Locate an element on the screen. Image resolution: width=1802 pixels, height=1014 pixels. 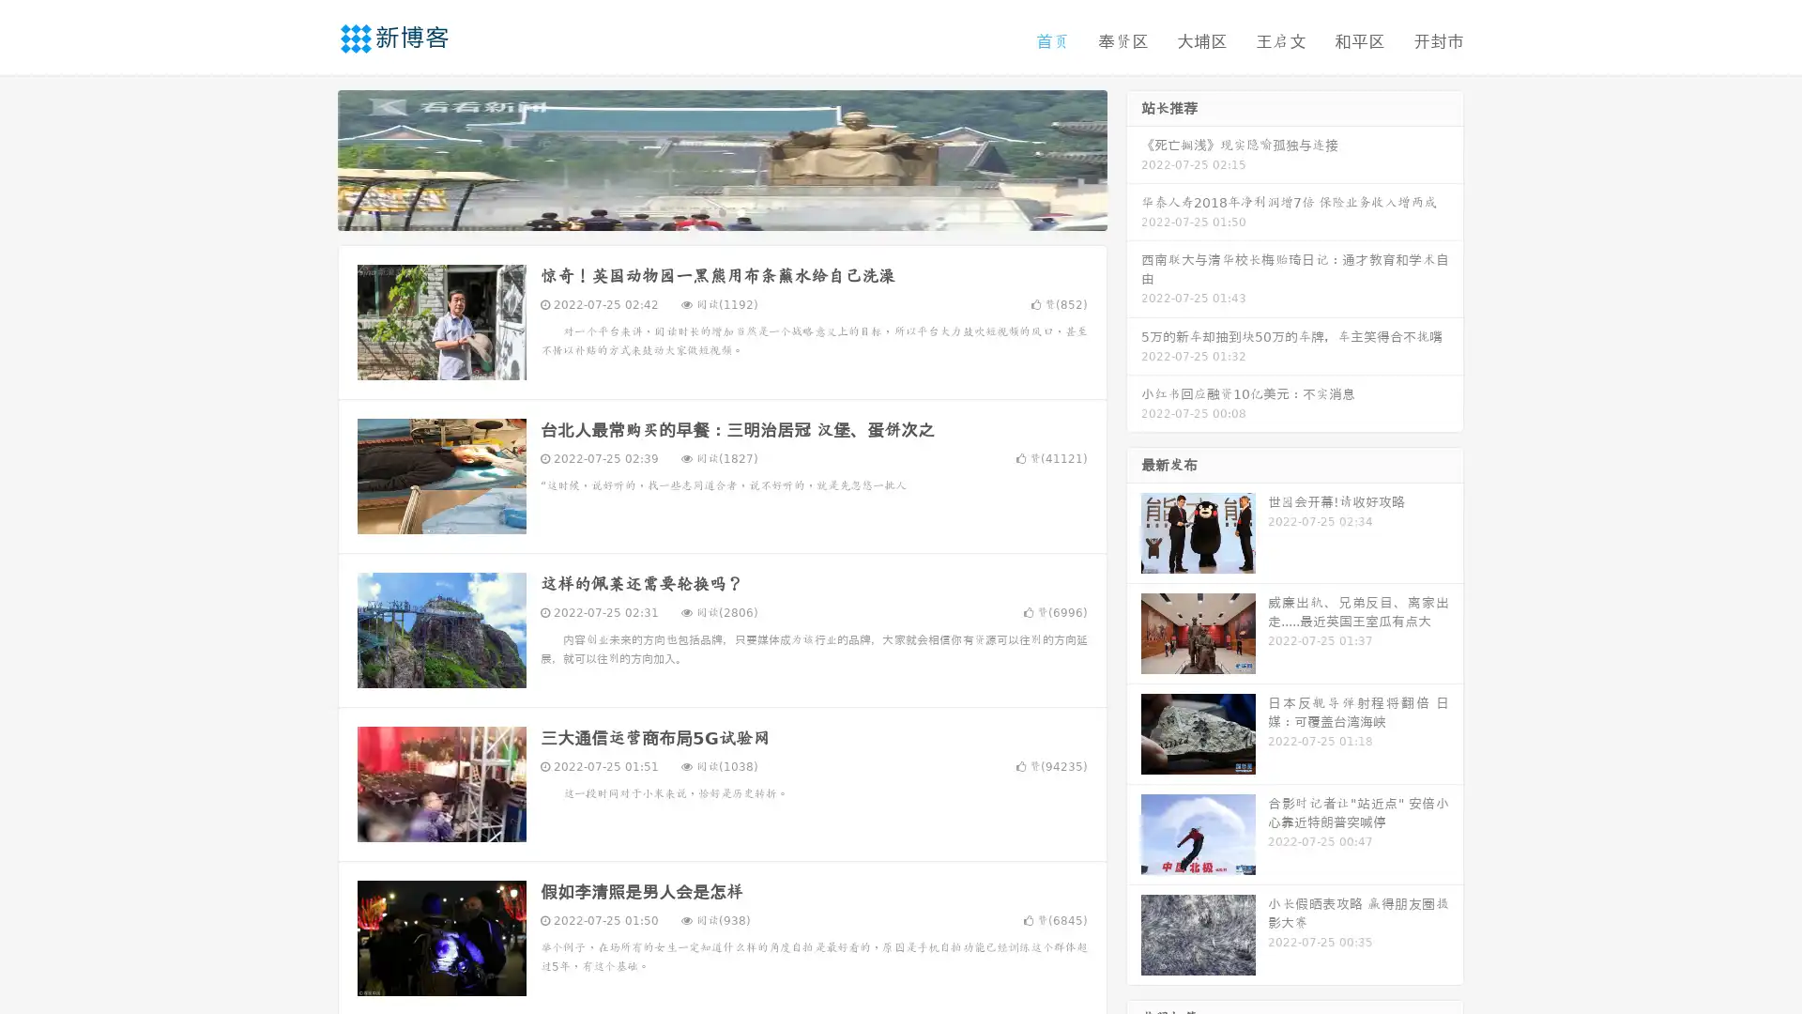
Next slide is located at coordinates (1134, 158).